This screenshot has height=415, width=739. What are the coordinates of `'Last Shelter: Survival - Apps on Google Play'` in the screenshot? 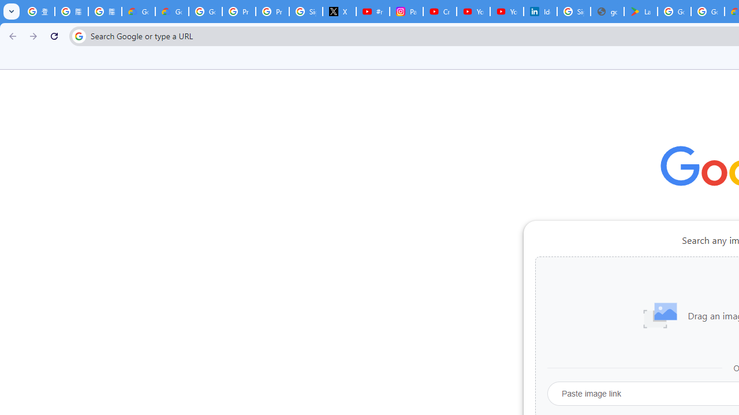 It's located at (640, 12).